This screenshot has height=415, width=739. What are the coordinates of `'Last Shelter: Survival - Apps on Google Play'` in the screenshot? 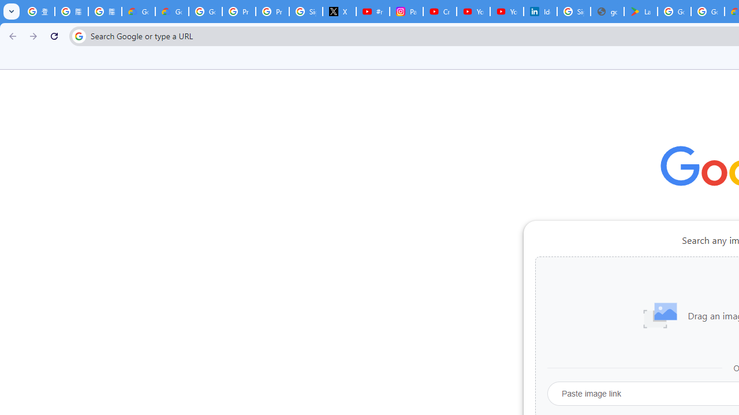 It's located at (640, 12).